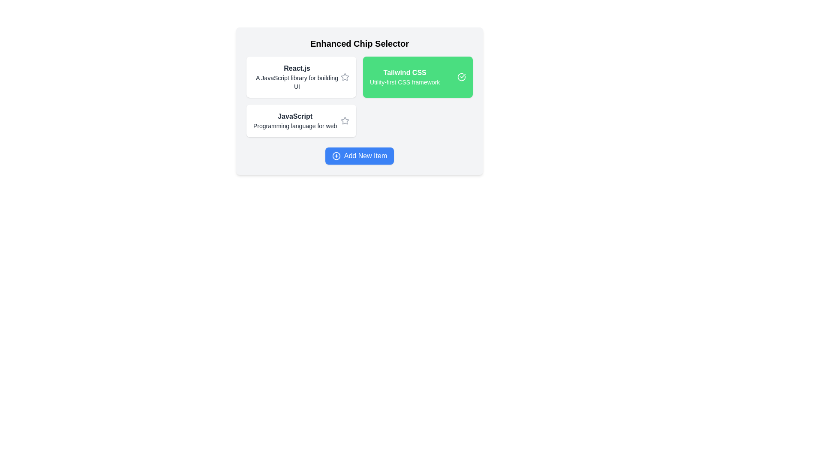 The image size is (823, 463). I want to click on the star-shaped icon located in the top-right corner of the 'JavaScript' item card, which is situated in the bottom-left region of the selectable options, so click(345, 120).